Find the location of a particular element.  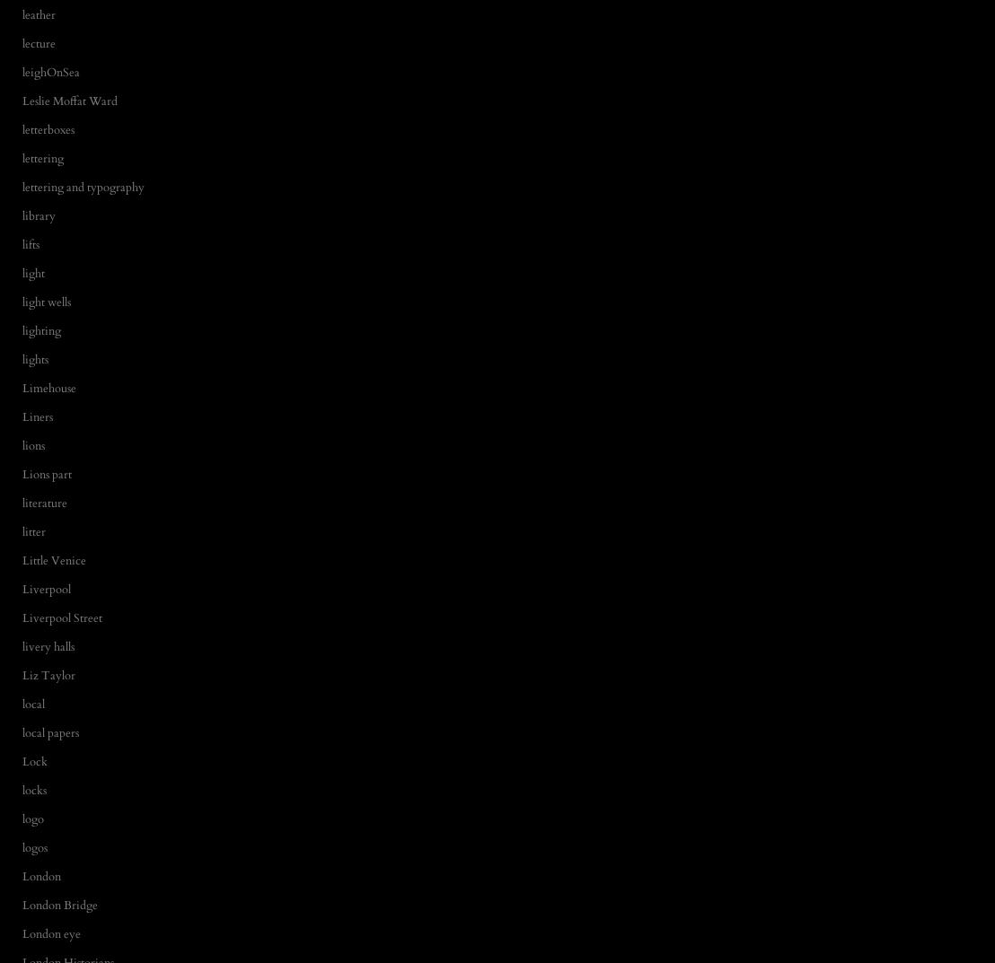

'Liverpool Street' is located at coordinates (61, 617).